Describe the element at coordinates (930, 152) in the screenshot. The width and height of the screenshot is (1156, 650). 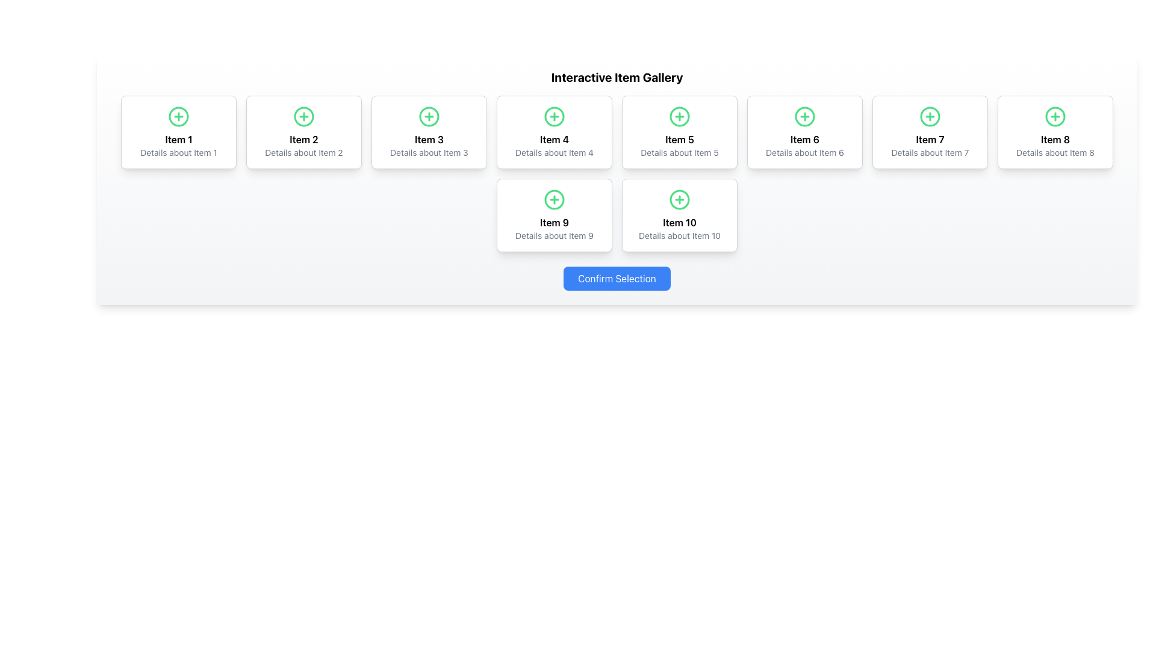
I see `the Text Label that provides supplementary details about 'Item 7', located at the bottom section of its card` at that location.